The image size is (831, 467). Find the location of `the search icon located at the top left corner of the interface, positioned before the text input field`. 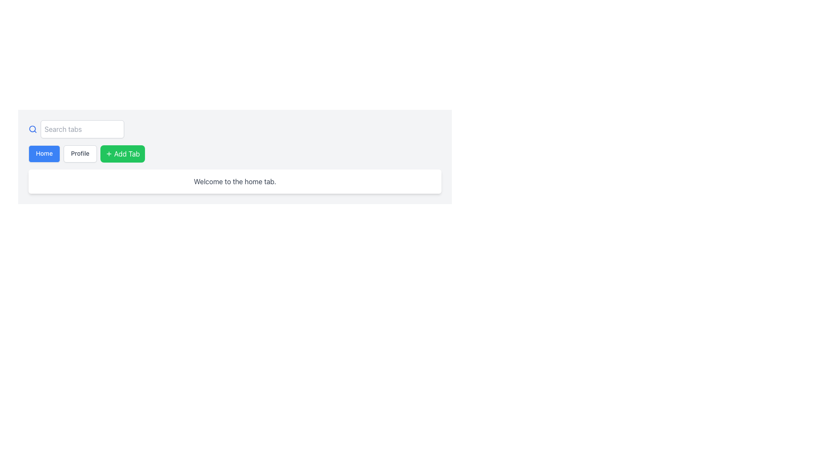

the search icon located at the top left corner of the interface, positioned before the text input field is located at coordinates (33, 129).